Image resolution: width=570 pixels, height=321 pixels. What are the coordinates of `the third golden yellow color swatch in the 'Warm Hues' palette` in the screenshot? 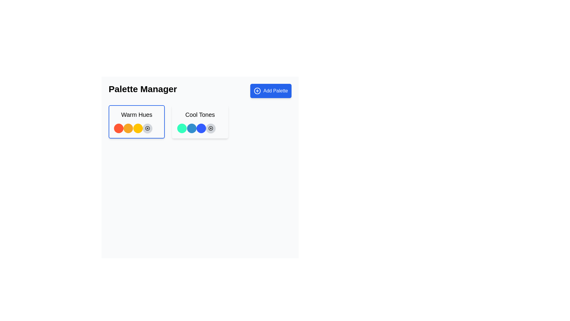 It's located at (137, 128).